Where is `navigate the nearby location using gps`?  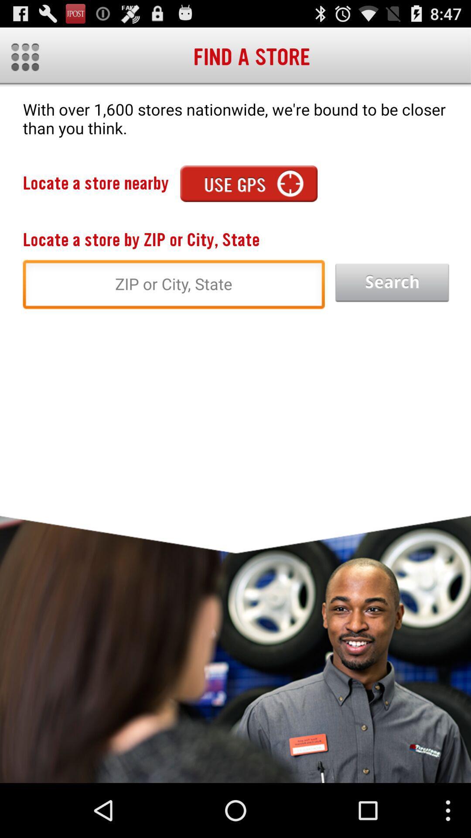
navigate the nearby location using gps is located at coordinates (249, 183).